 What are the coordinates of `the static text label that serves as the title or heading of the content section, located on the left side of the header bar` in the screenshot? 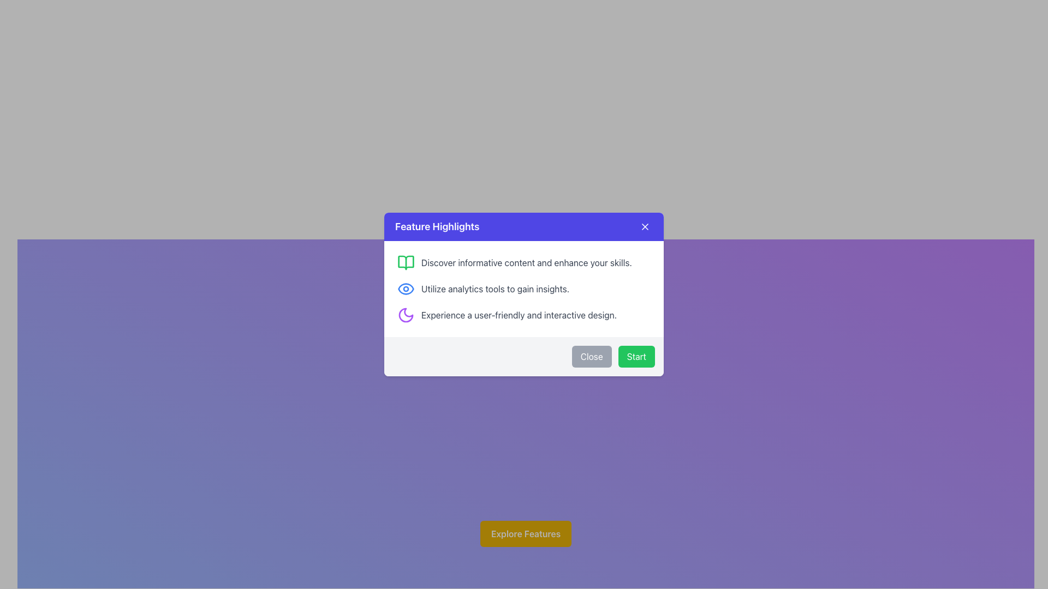 It's located at (437, 226).